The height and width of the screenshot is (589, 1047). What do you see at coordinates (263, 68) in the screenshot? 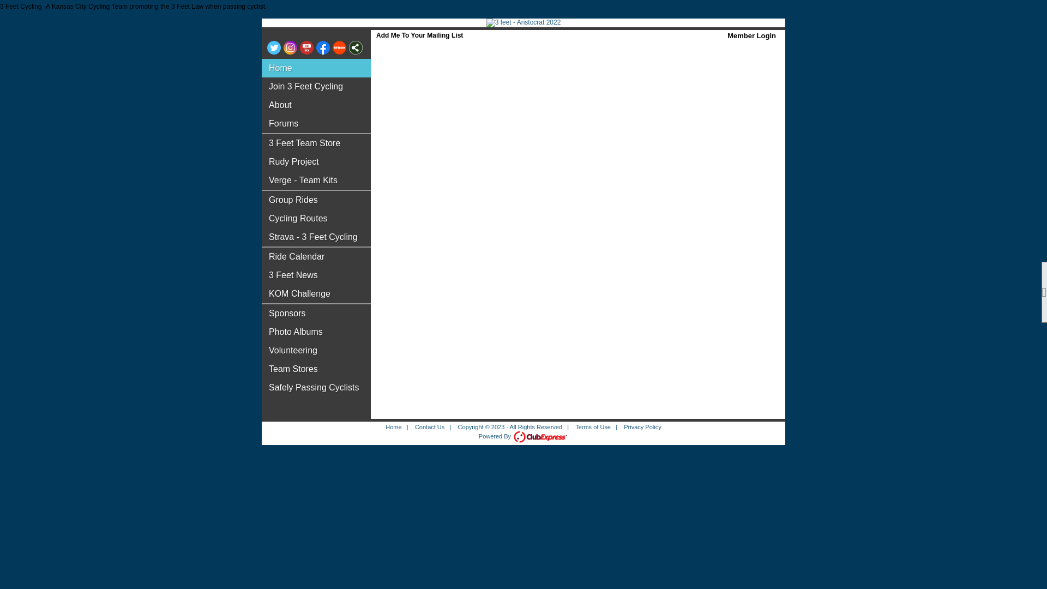
I see `'Home'` at bounding box center [263, 68].